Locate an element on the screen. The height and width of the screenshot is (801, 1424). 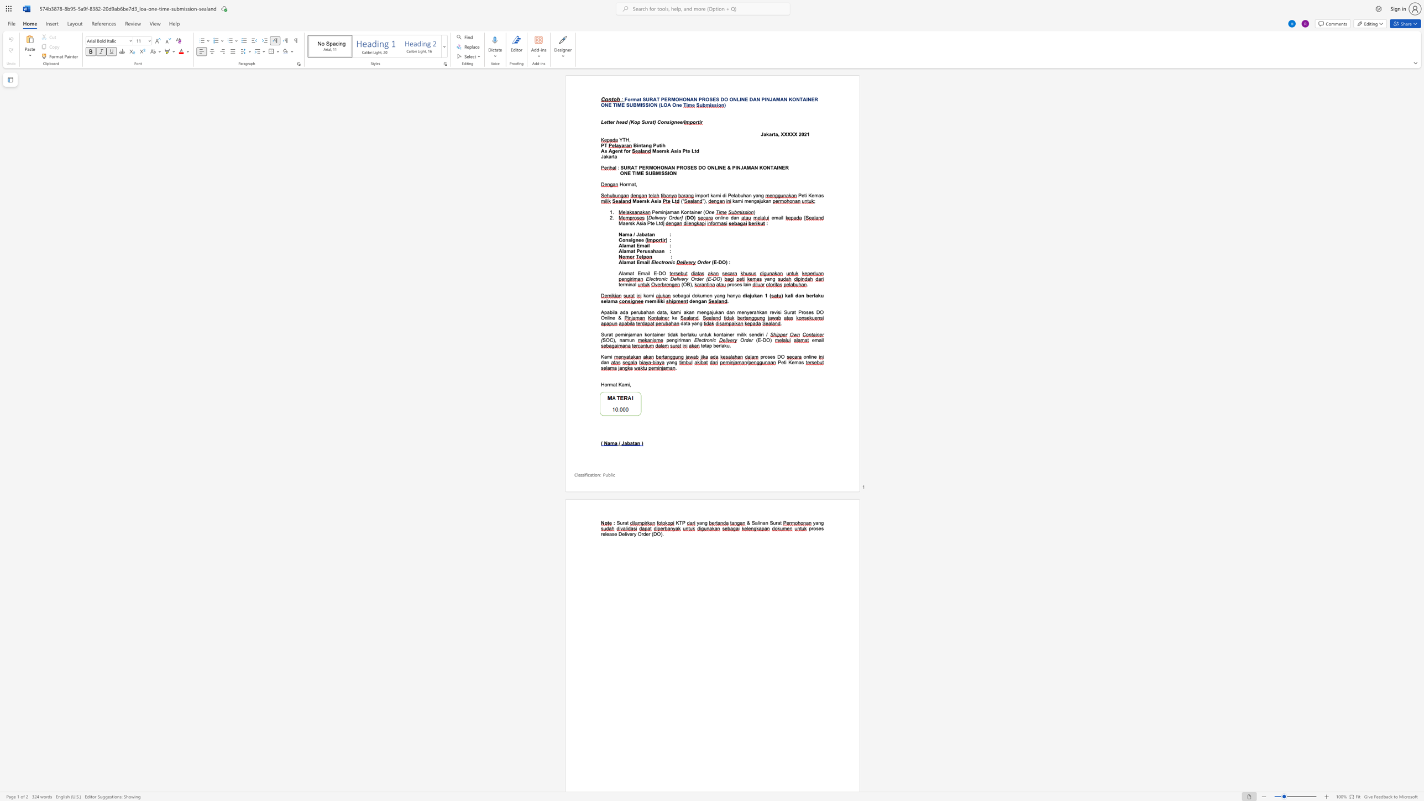
the subset text "e (" within the text "Consignee (" is located at coordinates (641, 239).